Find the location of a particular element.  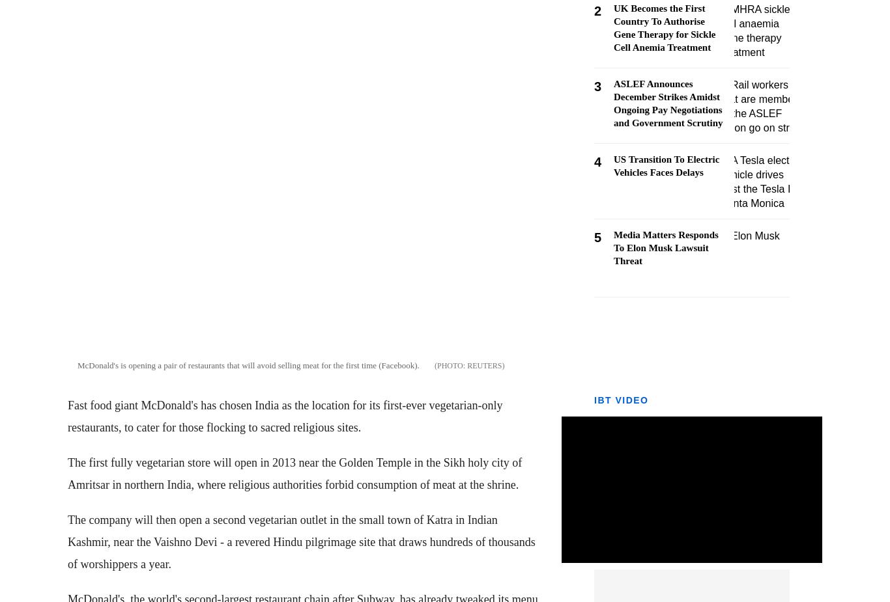

'Markets' is located at coordinates (25, 15).